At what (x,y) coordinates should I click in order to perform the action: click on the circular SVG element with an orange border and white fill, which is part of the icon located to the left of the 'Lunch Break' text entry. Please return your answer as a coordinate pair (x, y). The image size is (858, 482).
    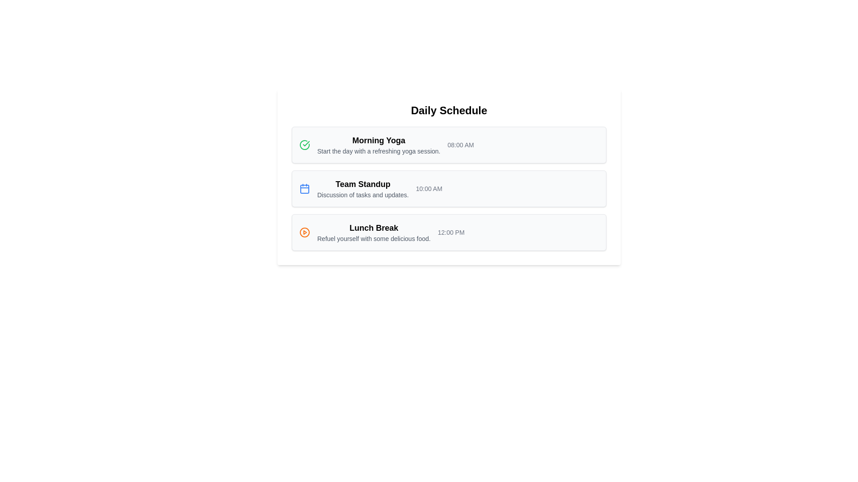
    Looking at the image, I should click on (304, 232).